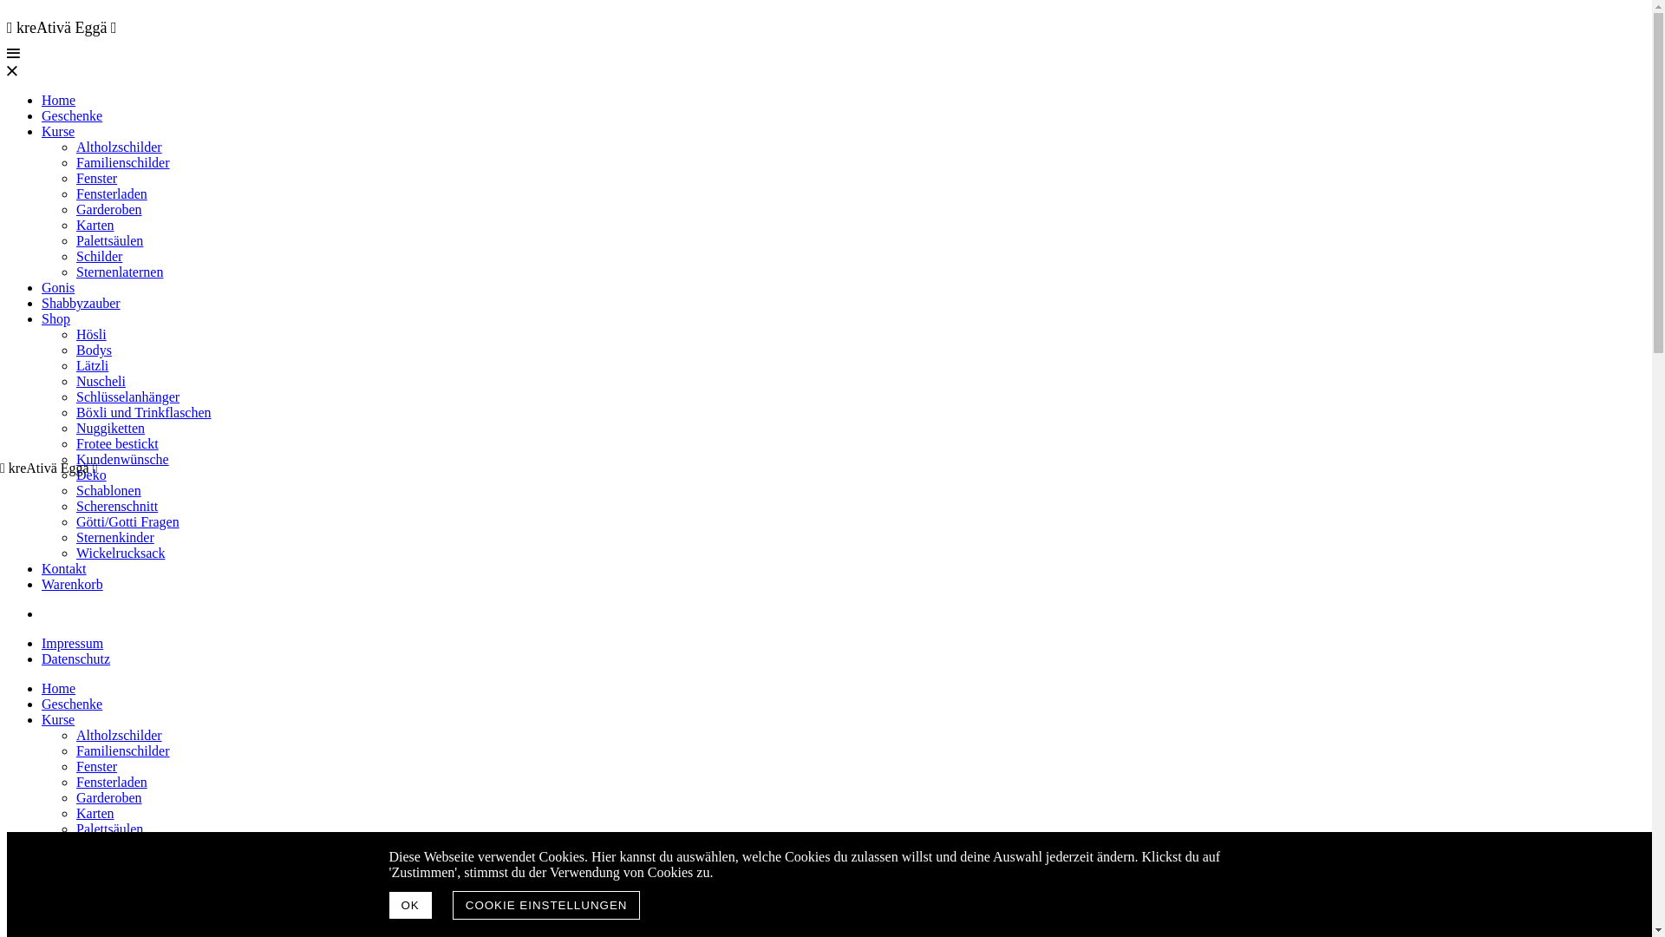 The image size is (1665, 937). What do you see at coordinates (75, 765) in the screenshot?
I see `'Fenster'` at bounding box center [75, 765].